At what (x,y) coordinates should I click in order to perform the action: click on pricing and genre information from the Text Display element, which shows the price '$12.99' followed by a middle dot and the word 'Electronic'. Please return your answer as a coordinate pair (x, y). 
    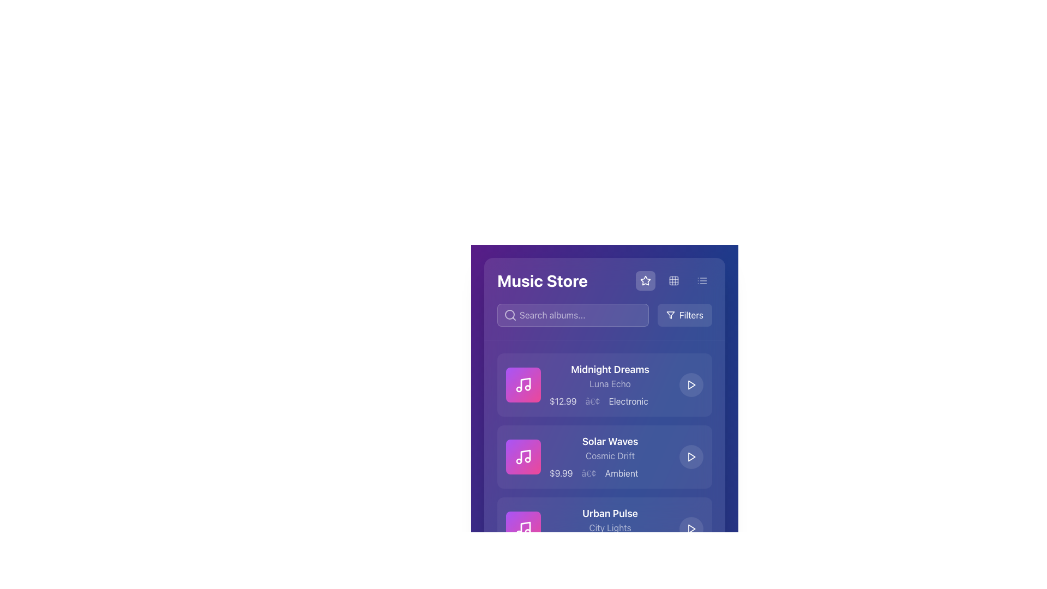
    Looking at the image, I should click on (609, 401).